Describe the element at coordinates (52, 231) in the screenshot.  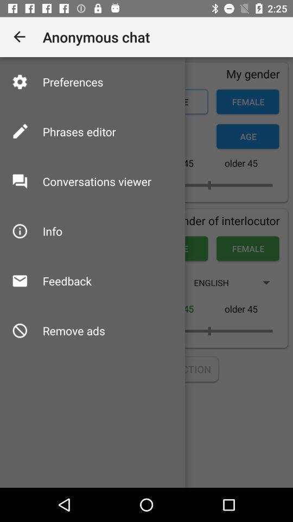
I see `item above feedback icon` at that location.